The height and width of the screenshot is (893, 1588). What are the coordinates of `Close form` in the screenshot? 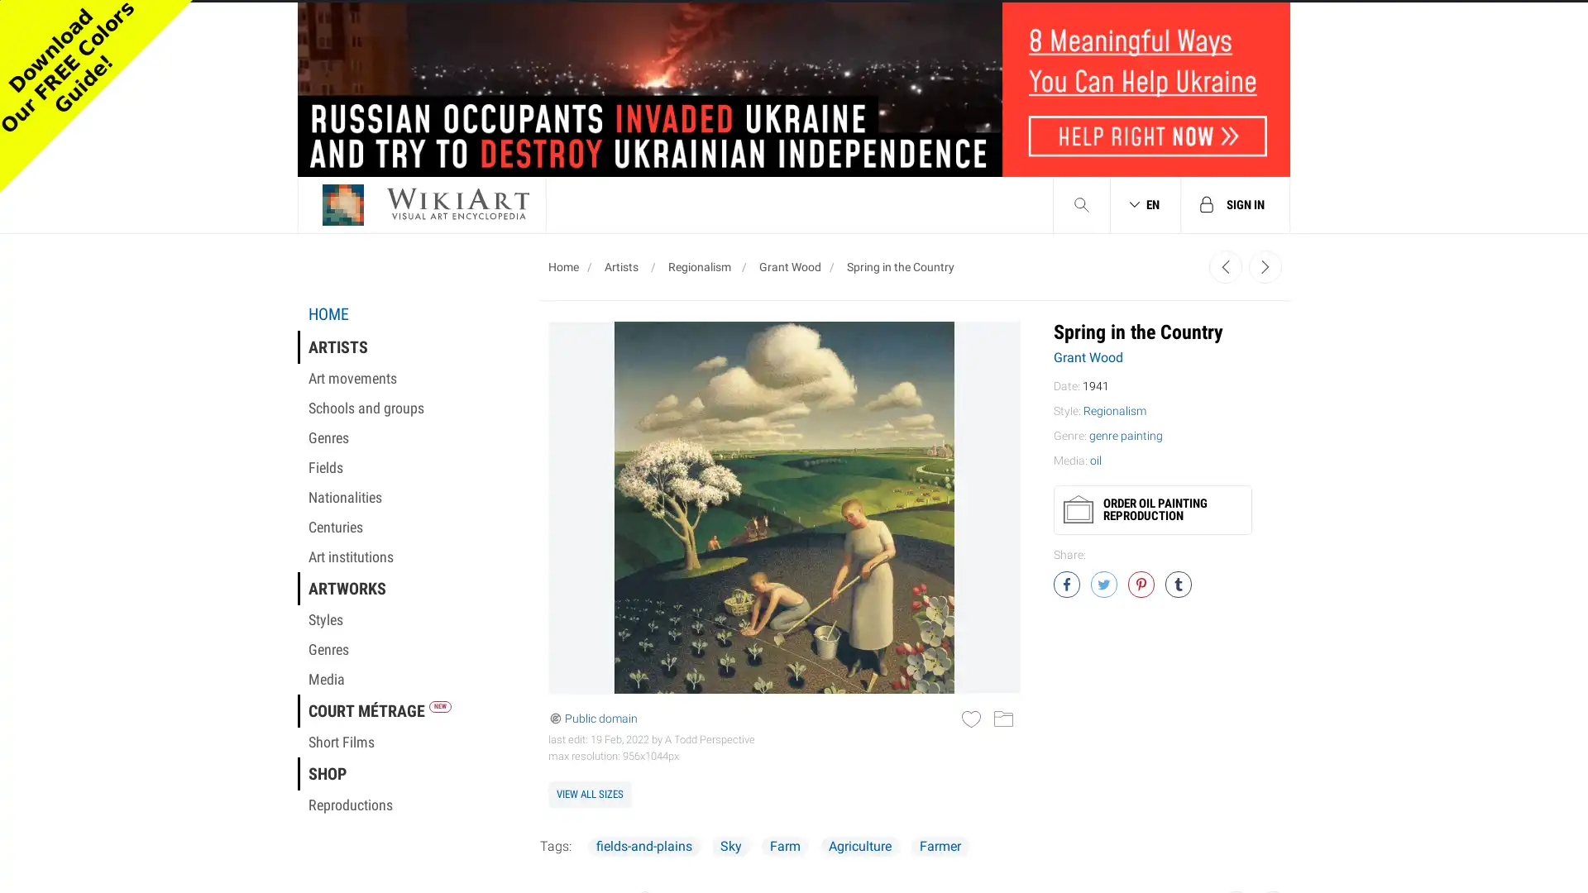 It's located at (1103, 37).